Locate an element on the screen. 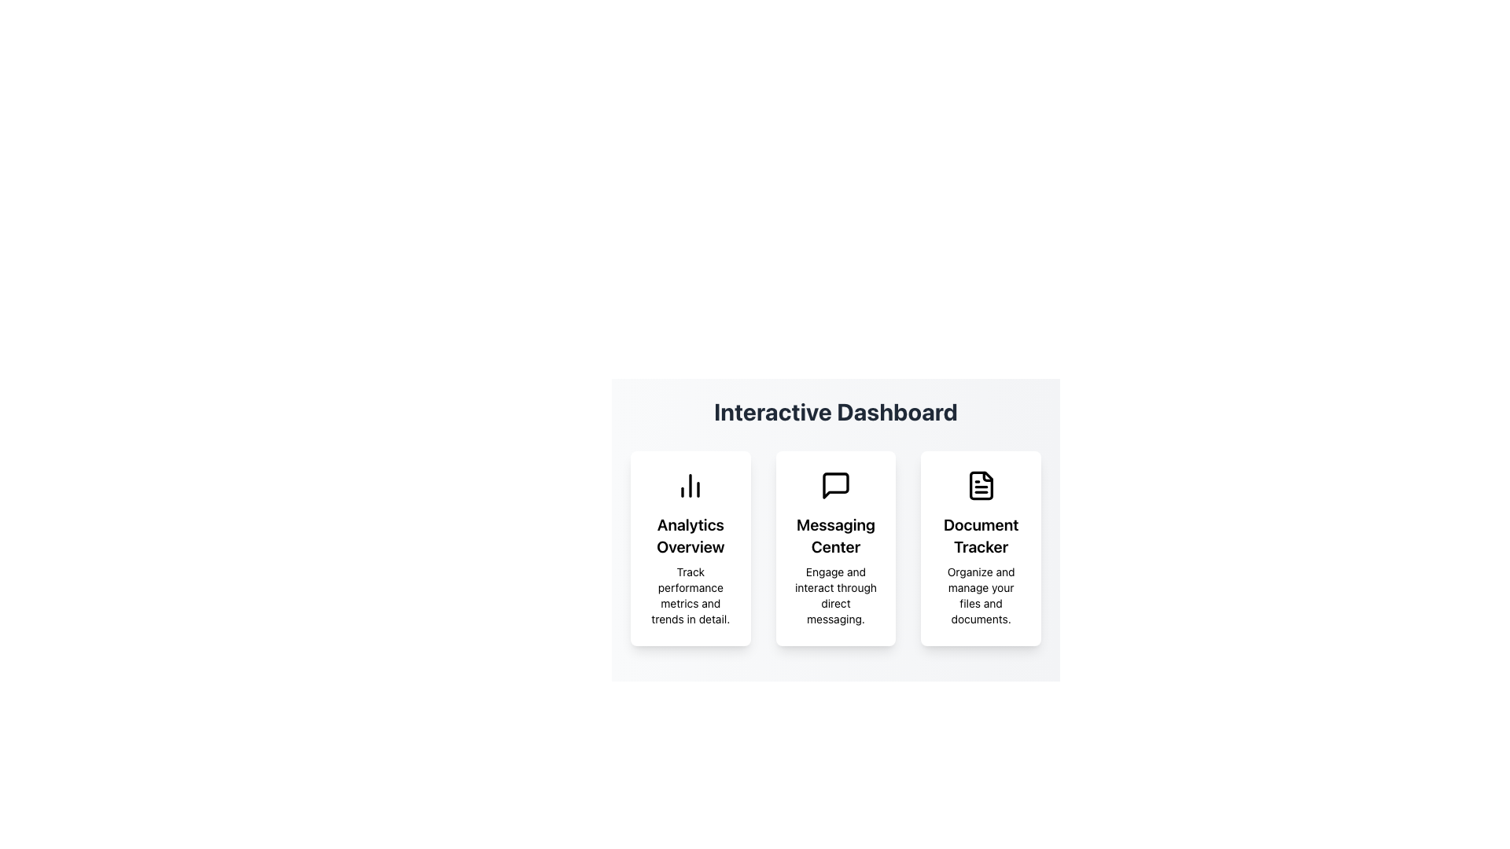 This screenshot has width=1510, height=849. the small-sized text block displaying the phrase 'Engage and interact through direct messaging.' located in the bottom section of the 'Messaging Center' card is located at coordinates (834, 596).